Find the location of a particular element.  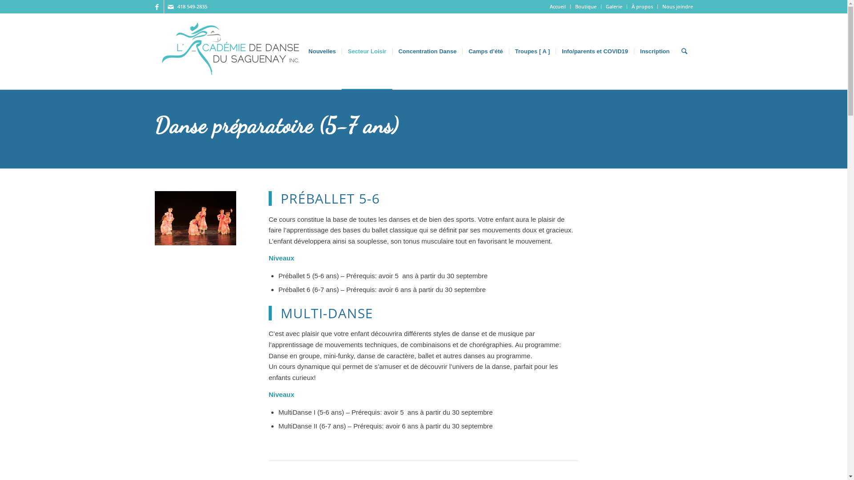

'Galerie' is located at coordinates (613, 6).